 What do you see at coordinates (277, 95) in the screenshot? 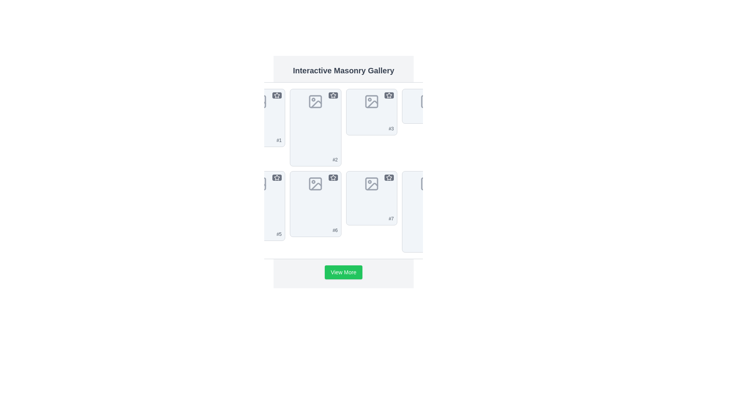
I see `the star outline icon located in the top-right corner of the first card in the gallery section` at bounding box center [277, 95].